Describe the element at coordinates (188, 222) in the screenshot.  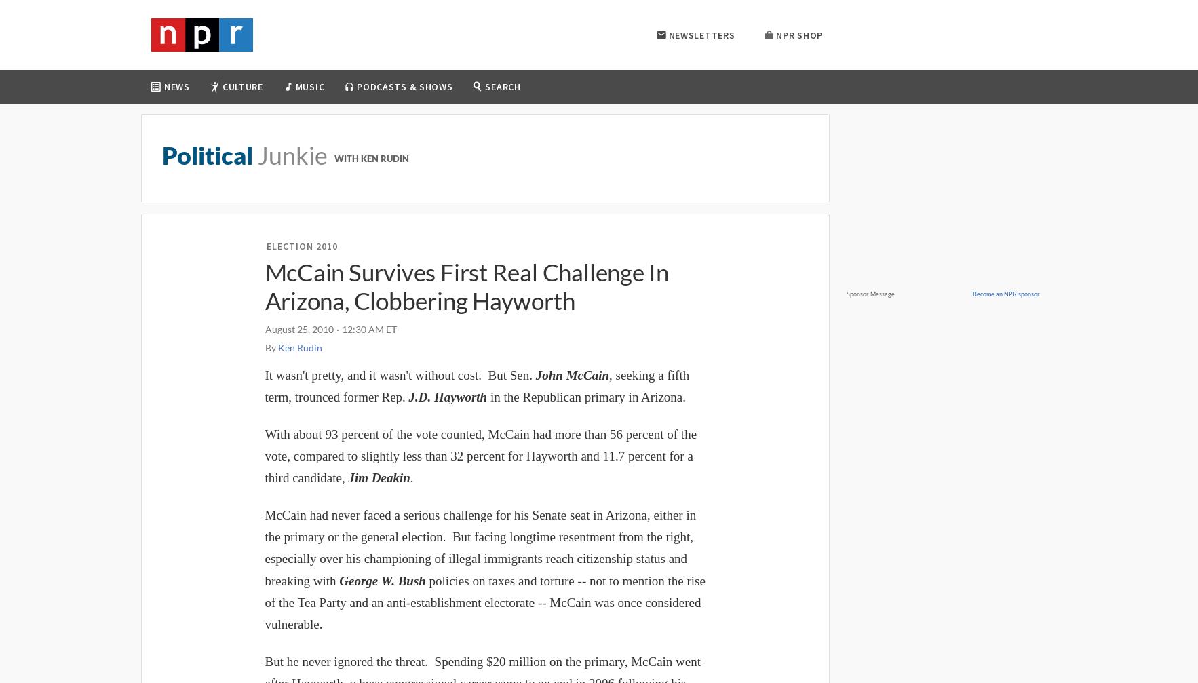
I see `'Climate'` at that location.